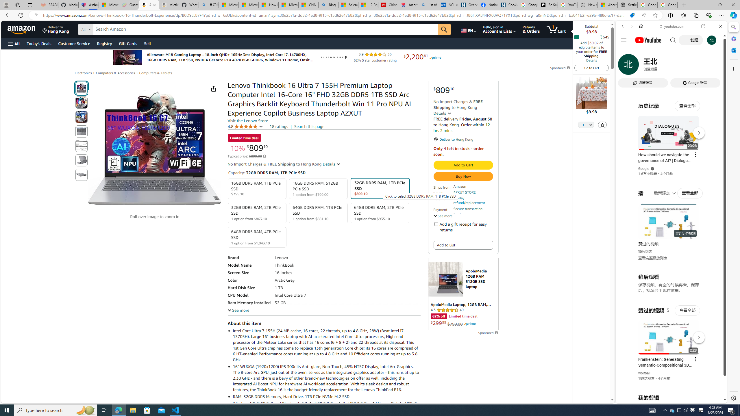 The height and width of the screenshot is (416, 740). What do you see at coordinates (257, 237) in the screenshot?
I see `'64GB DDR5 RAM, 4TB PCIe SSD 1 option from $1,043.10'` at bounding box center [257, 237].